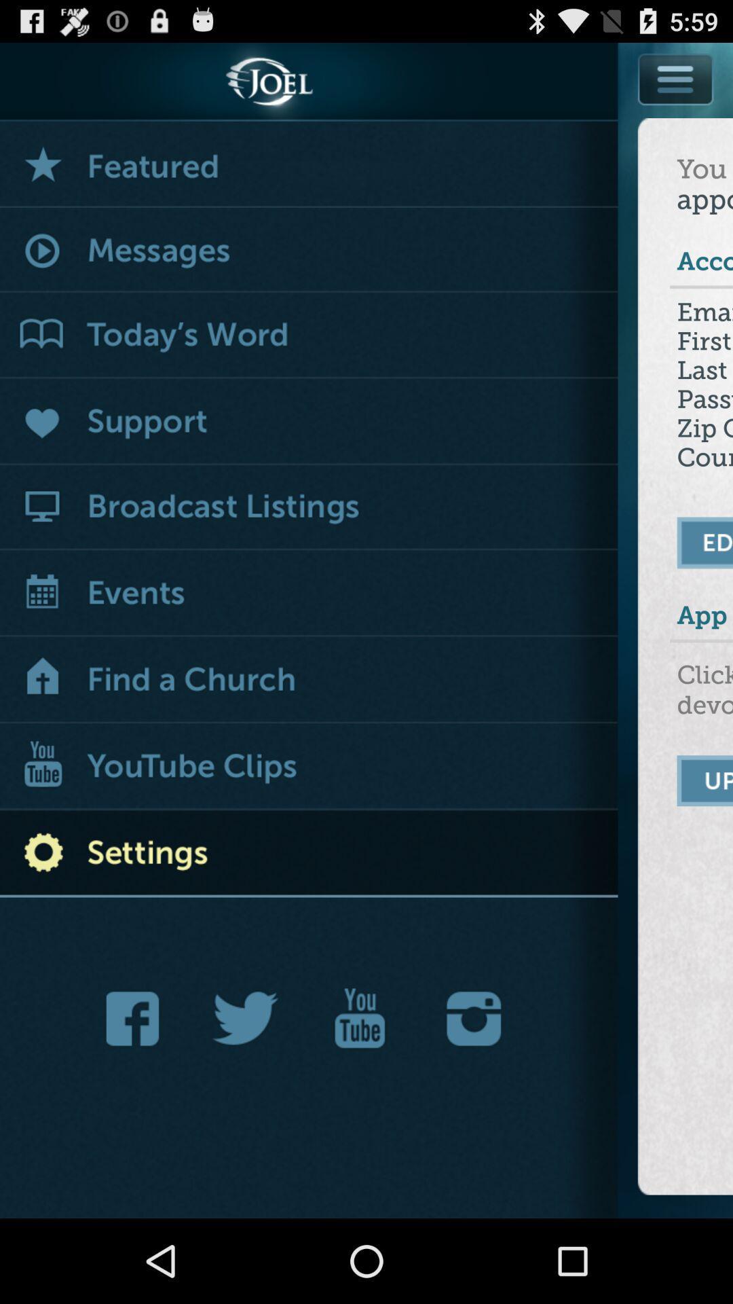 This screenshot has width=733, height=1304. What do you see at coordinates (704, 542) in the screenshot?
I see `edit account details` at bounding box center [704, 542].